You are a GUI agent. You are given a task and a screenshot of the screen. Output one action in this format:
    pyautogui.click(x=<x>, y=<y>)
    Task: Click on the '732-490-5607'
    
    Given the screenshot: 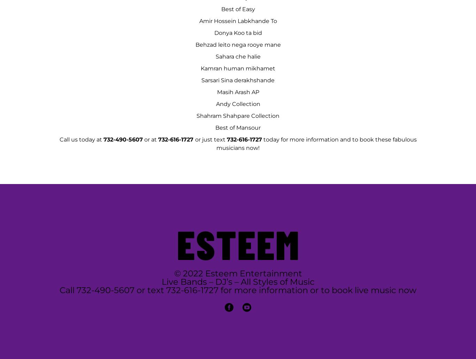 What is the action you would take?
    pyautogui.click(x=122, y=139)
    